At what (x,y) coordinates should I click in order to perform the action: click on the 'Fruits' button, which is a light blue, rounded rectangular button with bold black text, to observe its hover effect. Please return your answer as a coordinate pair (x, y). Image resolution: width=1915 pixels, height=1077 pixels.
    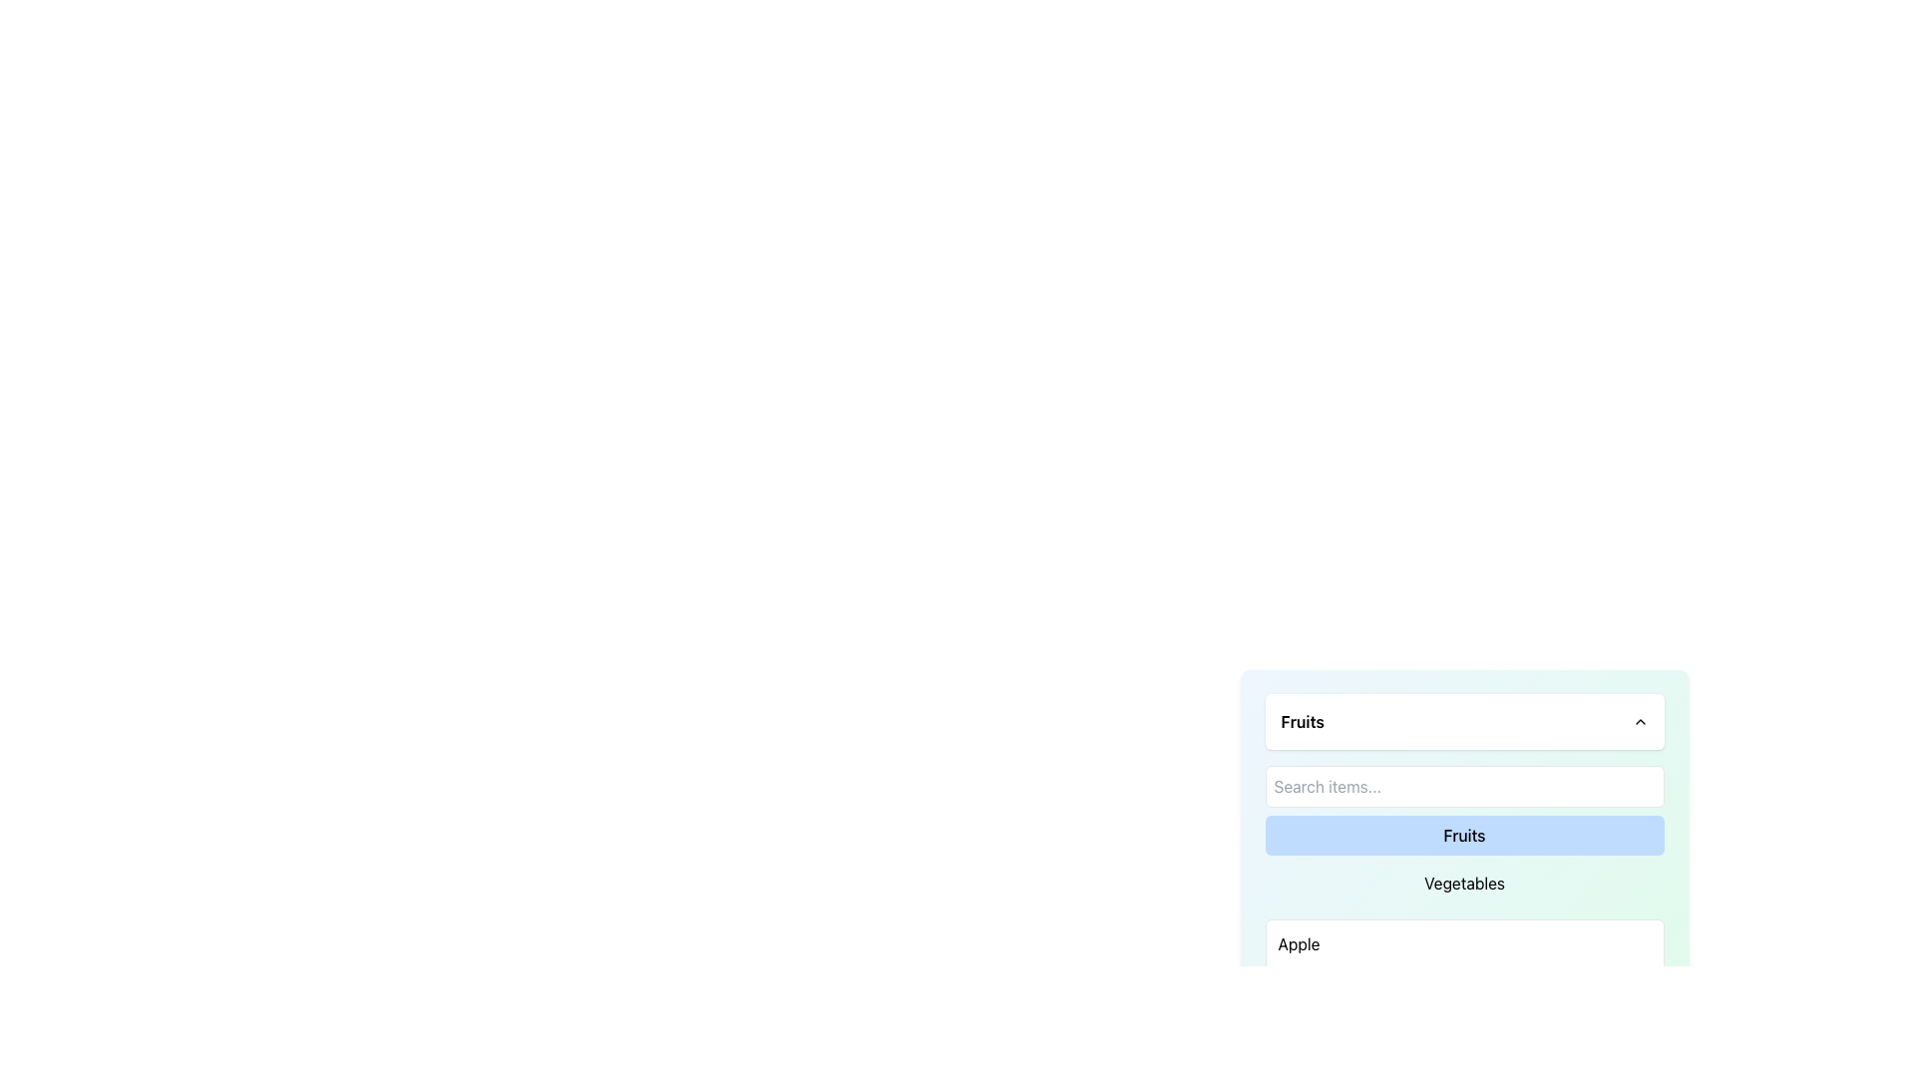
    Looking at the image, I should click on (1464, 835).